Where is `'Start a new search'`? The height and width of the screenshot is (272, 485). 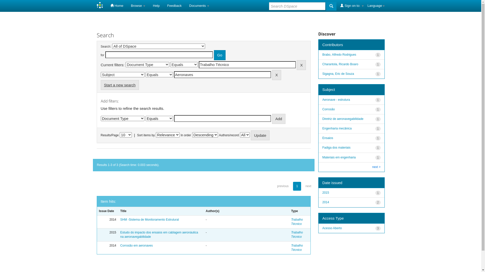
'Start a new search' is located at coordinates (119, 85).